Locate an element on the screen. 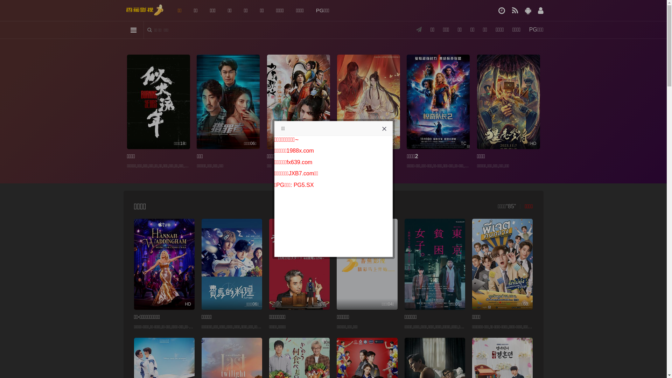  'PG5.SX' is located at coordinates (304, 184).